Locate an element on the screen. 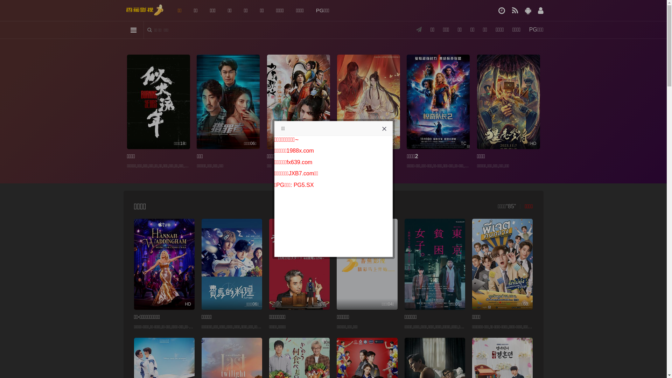  'PG5.SX' is located at coordinates (304, 184).